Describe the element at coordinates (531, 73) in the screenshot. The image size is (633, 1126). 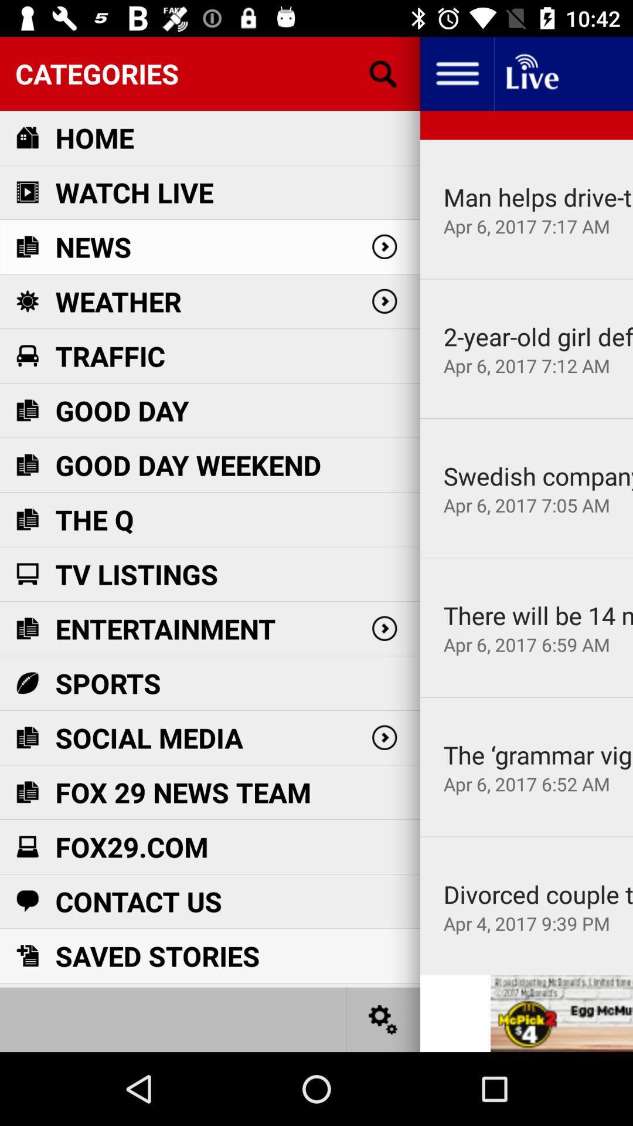
I see `livestream newscast` at that location.